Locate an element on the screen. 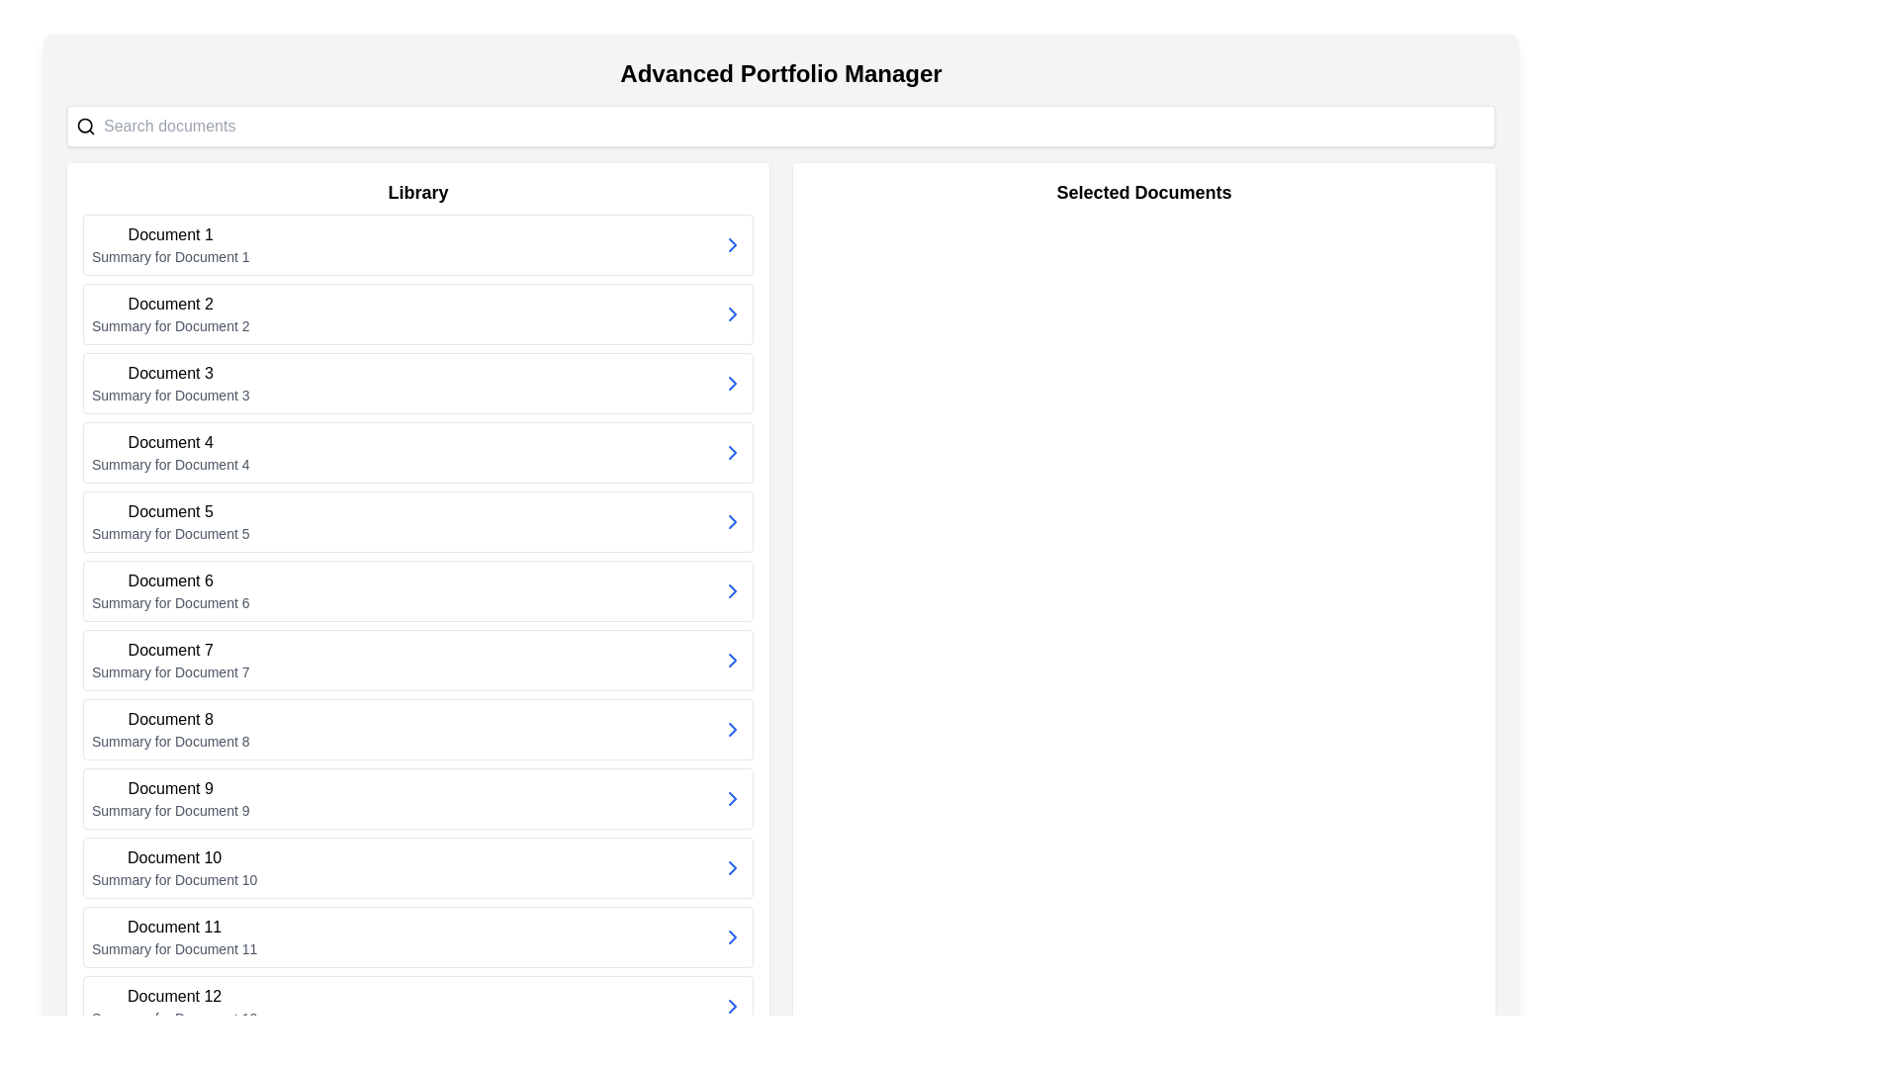  the right-facing blue chevron icon located within the interactive area of the first document entry in the 'Library' section is located at coordinates (731, 243).